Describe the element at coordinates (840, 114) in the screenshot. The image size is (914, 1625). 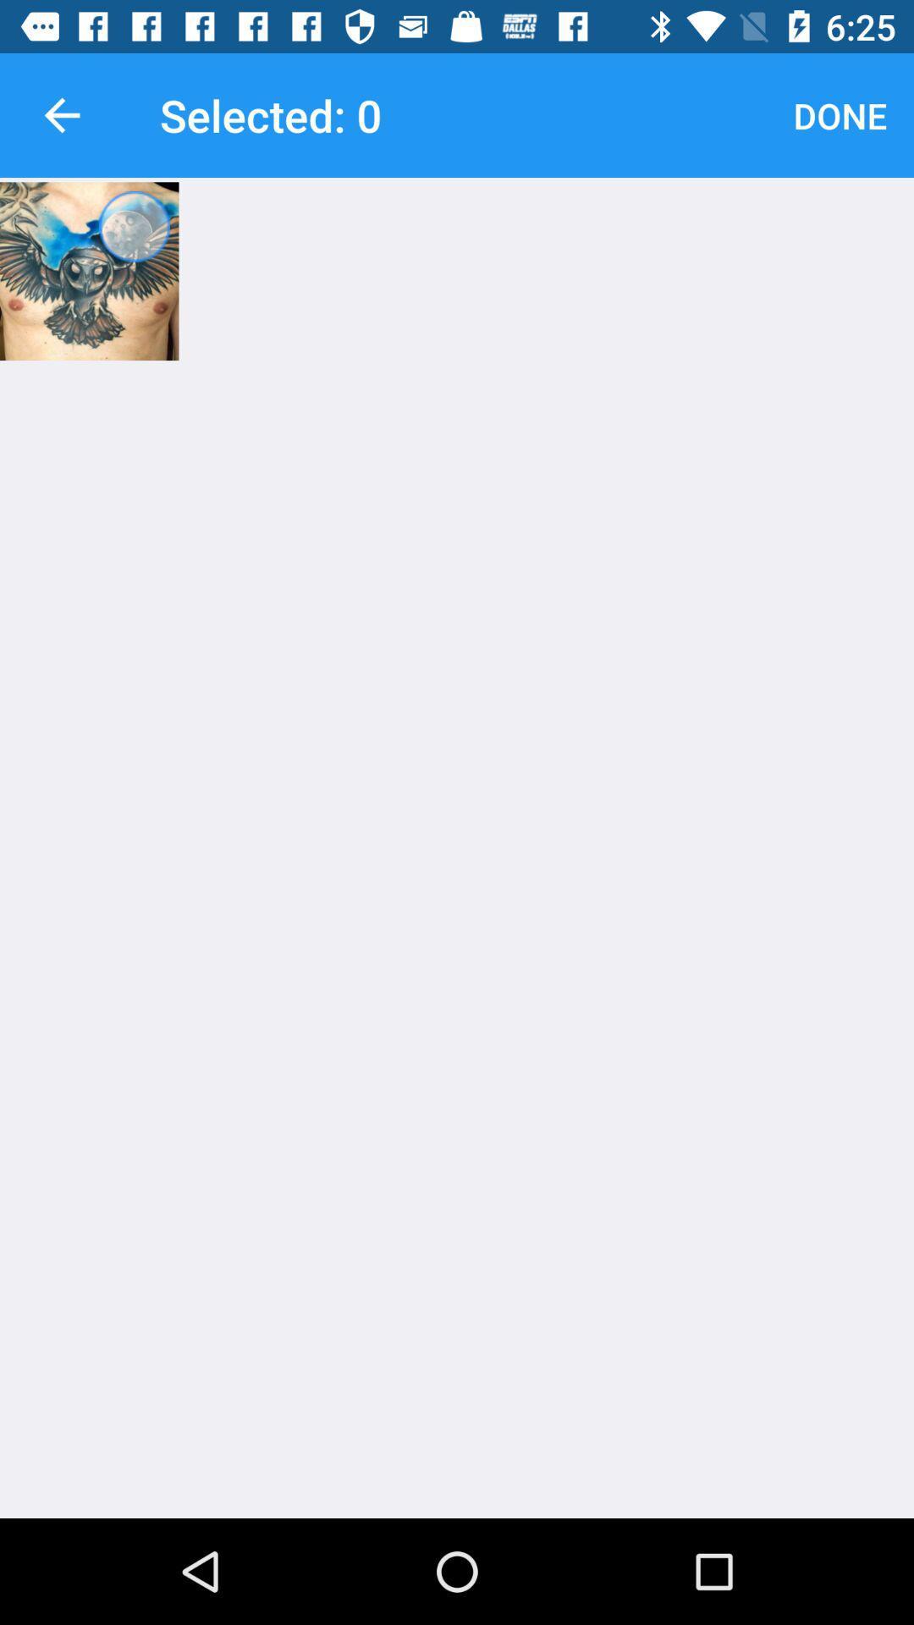
I see `done icon` at that location.